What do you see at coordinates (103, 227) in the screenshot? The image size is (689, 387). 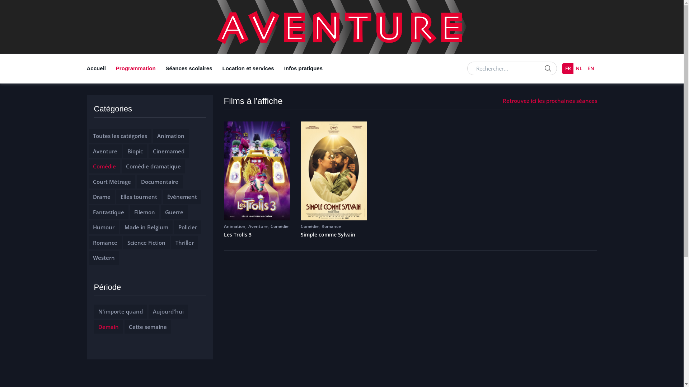 I see `'Humour'` at bounding box center [103, 227].